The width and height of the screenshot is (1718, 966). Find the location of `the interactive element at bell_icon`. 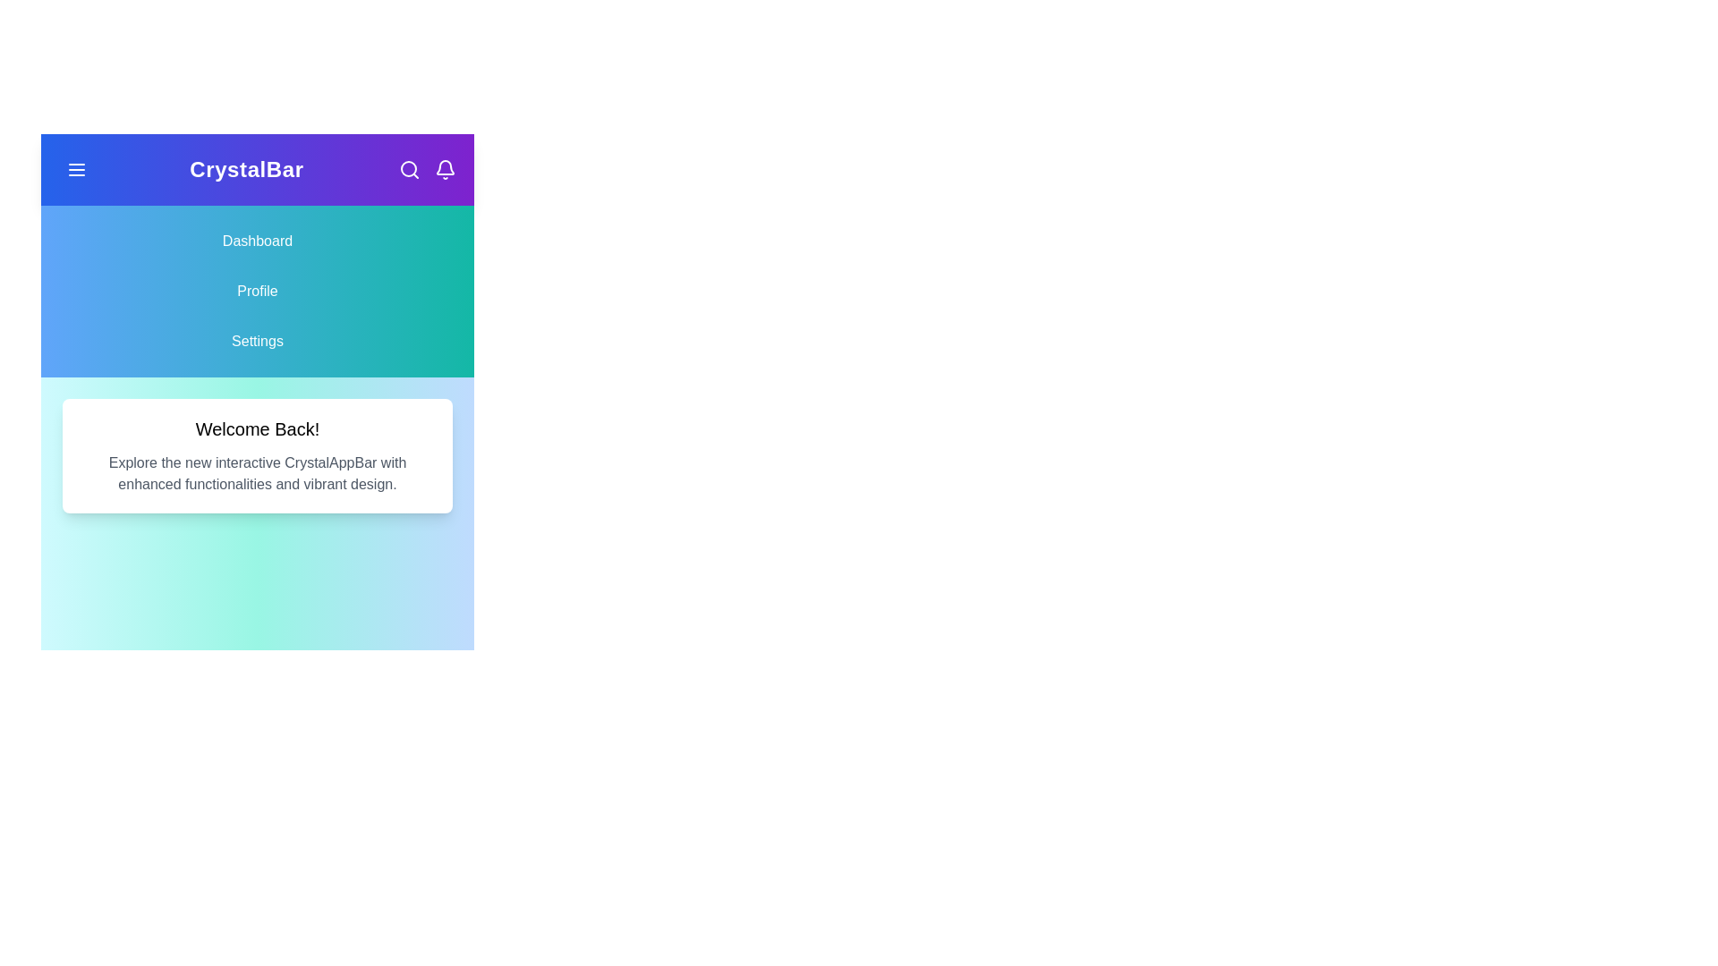

the interactive element at bell_icon is located at coordinates (446, 169).